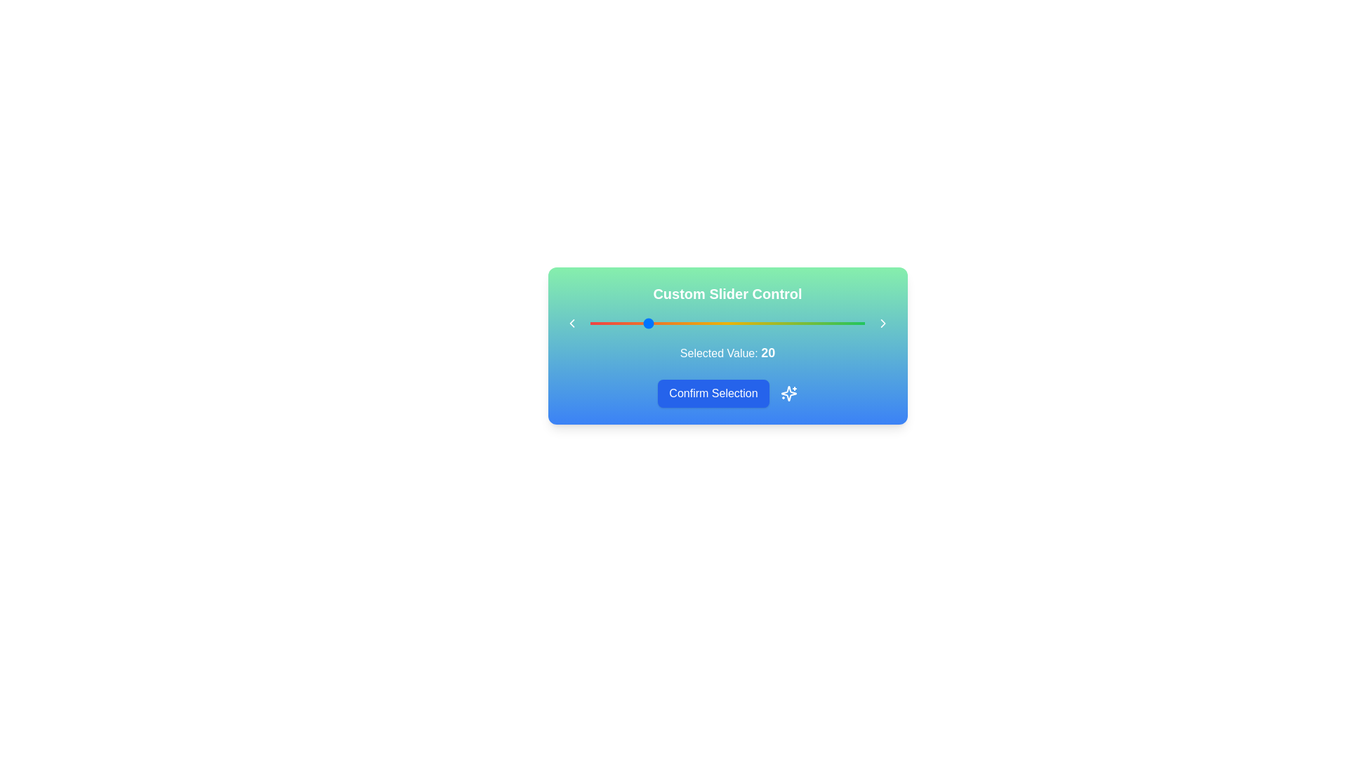 The width and height of the screenshot is (1348, 758). I want to click on the text of the title element located at the top of the slider component, so click(727, 293).